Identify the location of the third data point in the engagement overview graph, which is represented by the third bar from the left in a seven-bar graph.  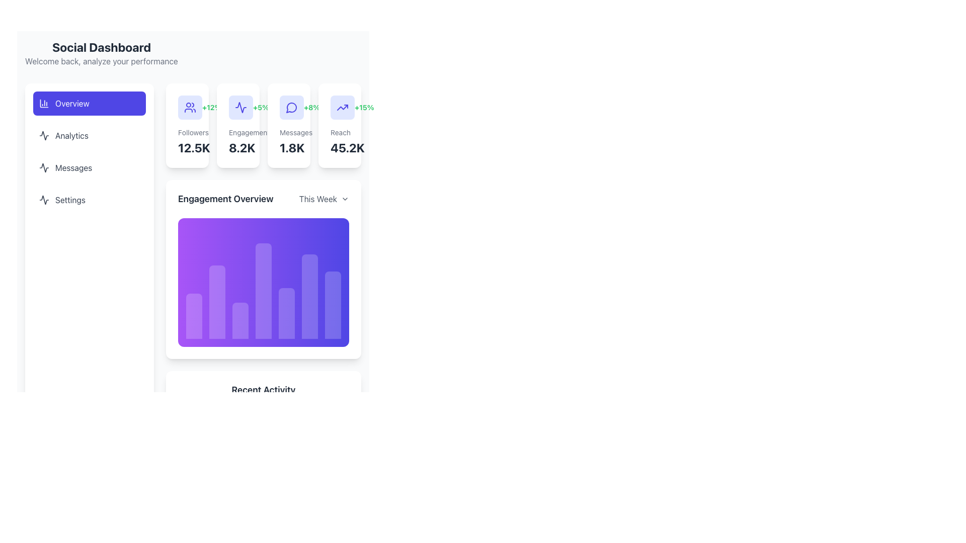
(240, 320).